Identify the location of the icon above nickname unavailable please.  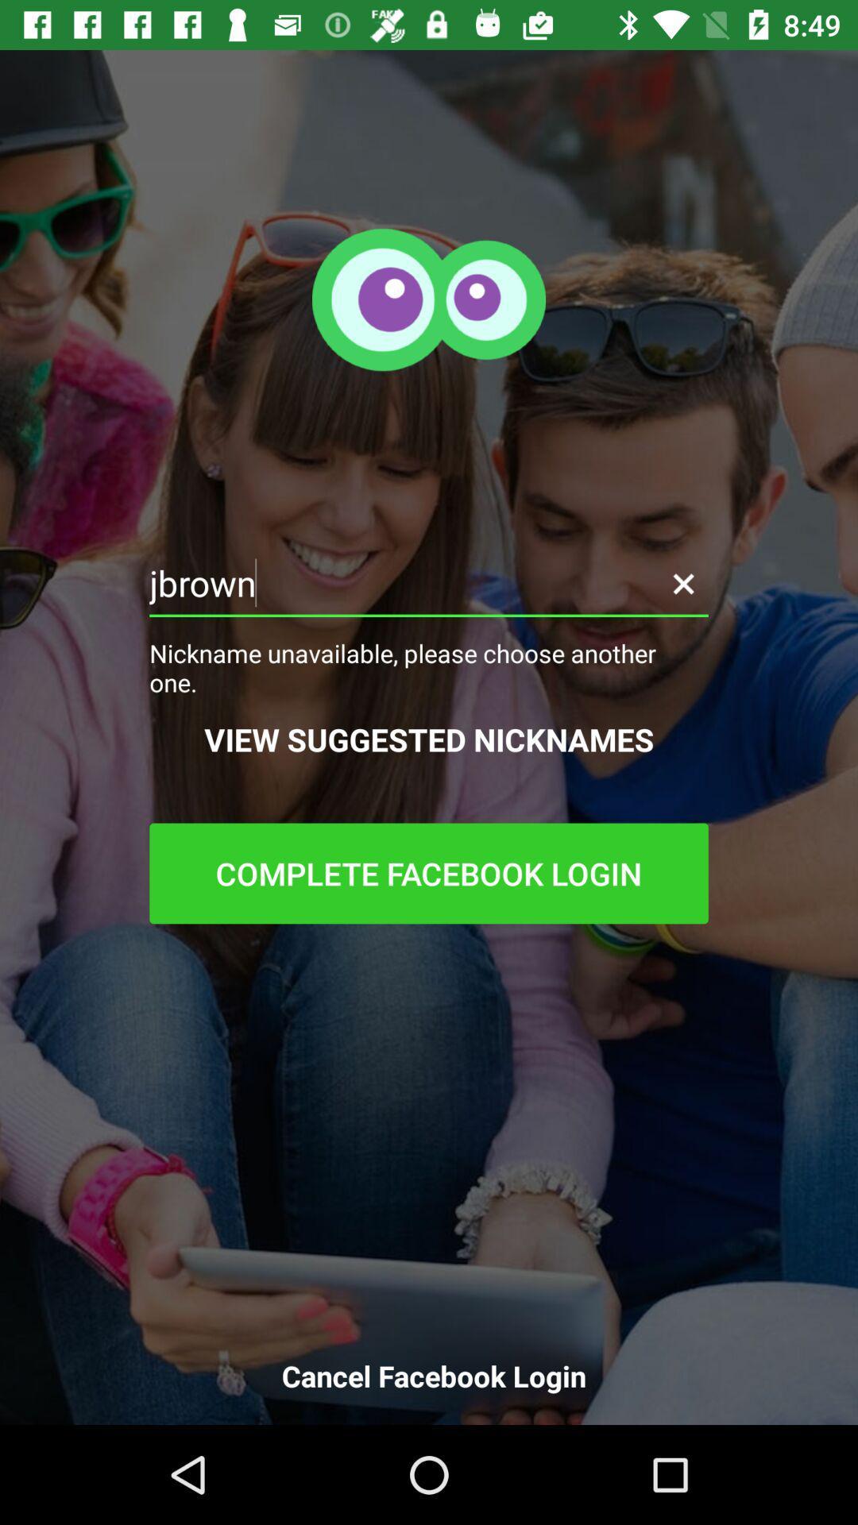
(682, 582).